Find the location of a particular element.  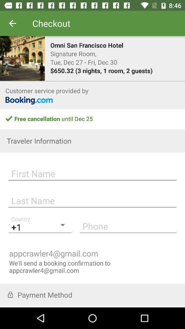

item at the bottom right corner is located at coordinates (128, 226).